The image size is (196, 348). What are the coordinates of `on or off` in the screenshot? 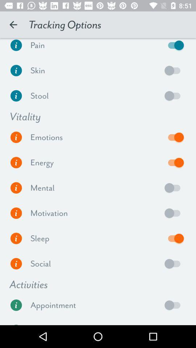 It's located at (174, 95).